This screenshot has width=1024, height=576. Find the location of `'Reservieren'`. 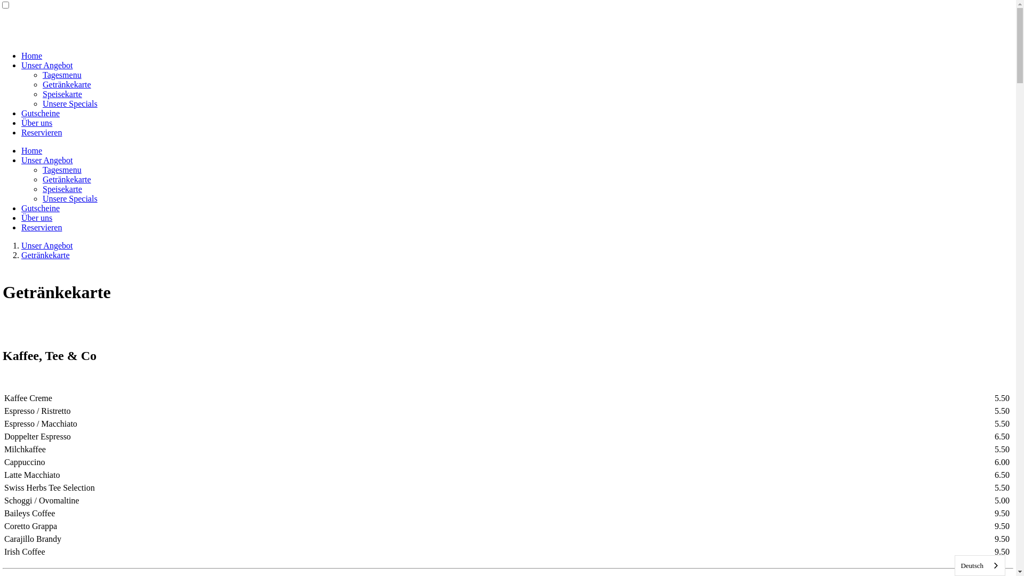

'Reservieren' is located at coordinates (21, 132).